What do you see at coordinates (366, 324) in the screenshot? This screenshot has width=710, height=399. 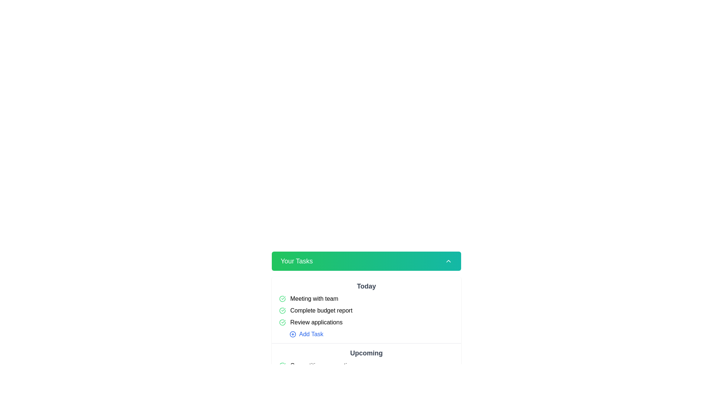 I see `individual task items in the section that displays task labels and headings, such as 'Today' and 'Upcoming', which includes tasks like 'Meeting with team' and 'Review applications'` at bounding box center [366, 324].